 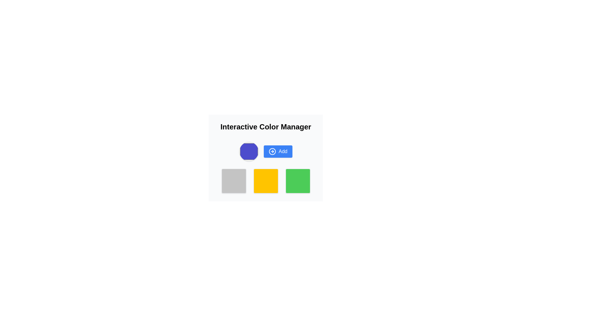 I want to click on the icon inside the 'Add' button located in the top-right section of the interface to highlight or activate the adjacent tooltip, so click(x=272, y=152).